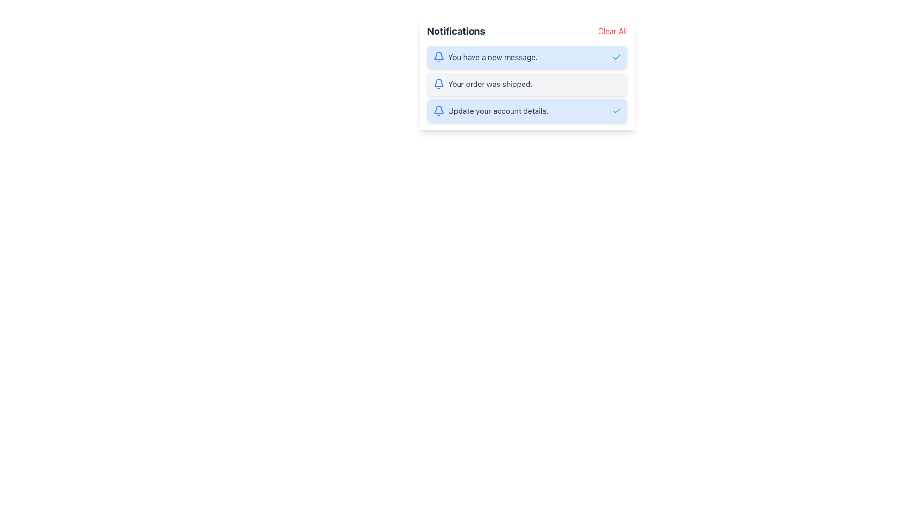 The width and height of the screenshot is (923, 519). I want to click on the text label that says 'You have a new message.' located in the notification panel, positioned to the right of a blue notification icon and to the left of a green checkmark icon, so click(493, 57).